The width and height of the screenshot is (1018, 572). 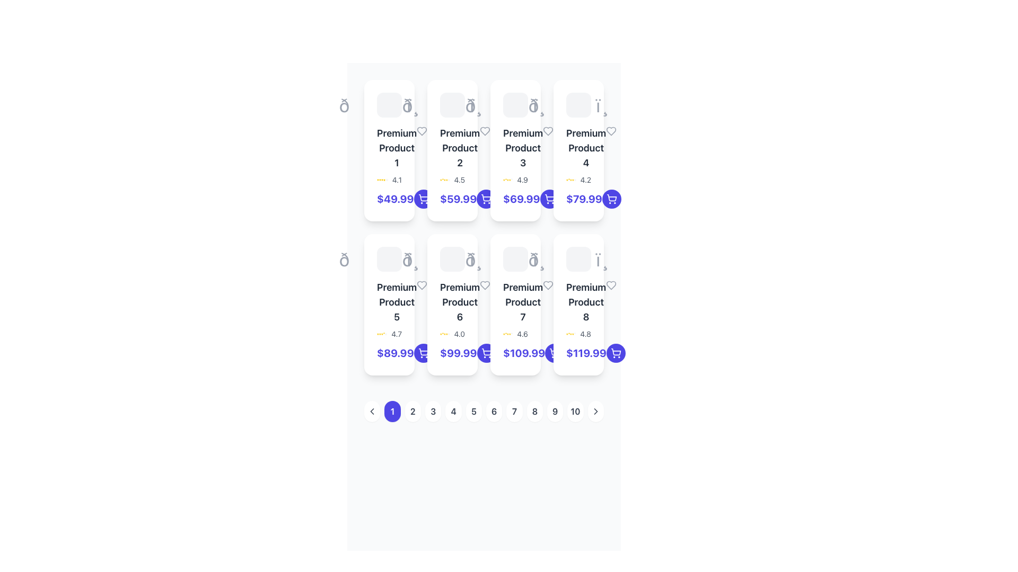 I want to click on the last star icon in the rating system, which represents the unrated portion of the rating, aligned with the text '4.6', so click(x=512, y=334).